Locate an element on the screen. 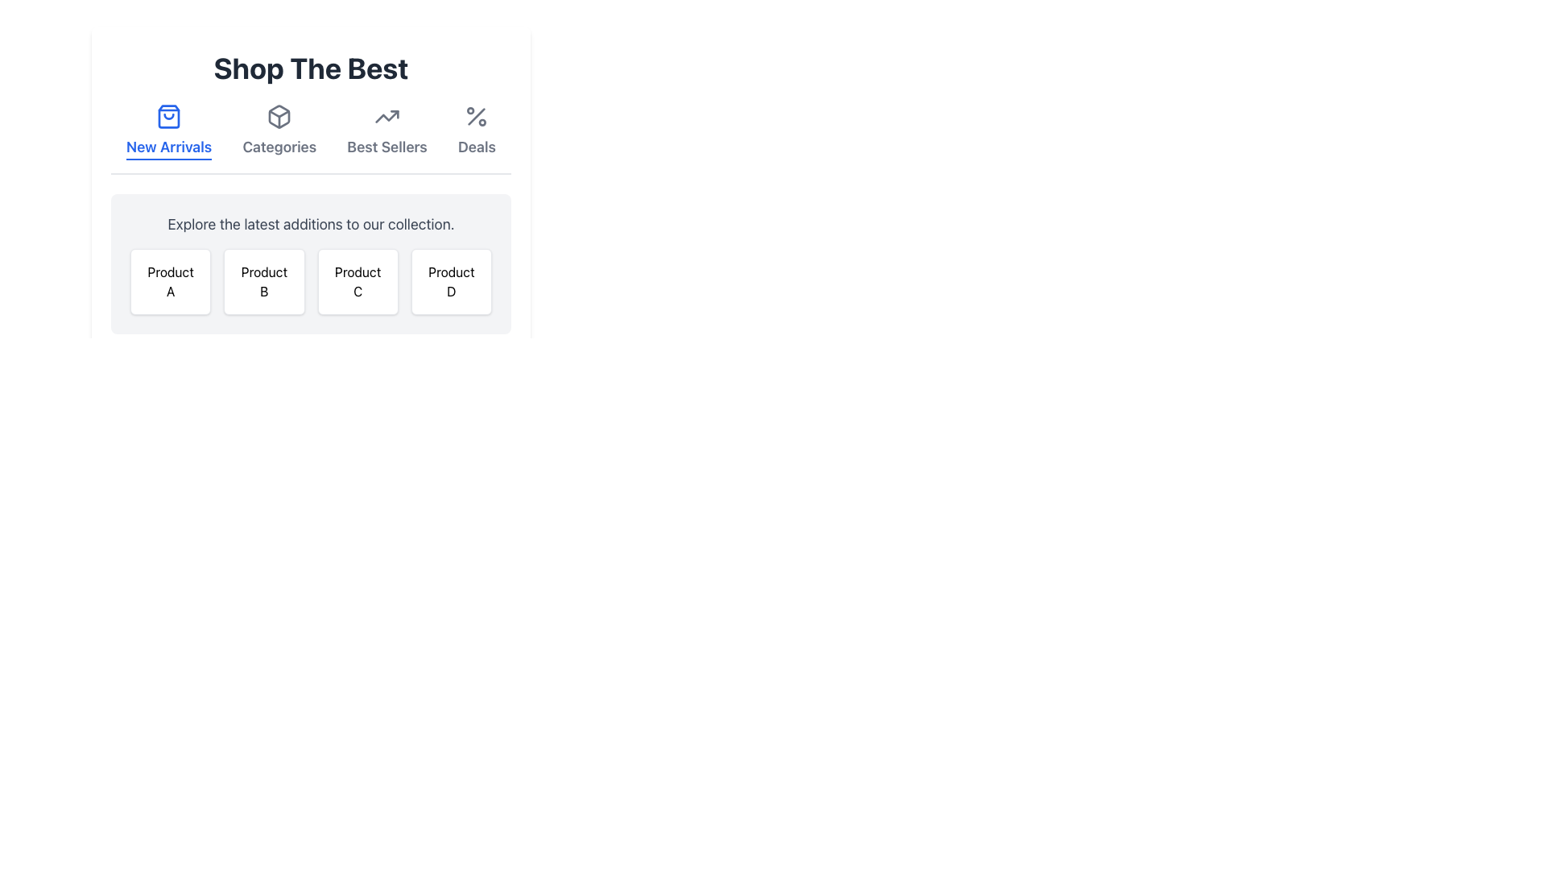  the upward trending chart icon located in the 'Best Sellers' section, positioned above the text 'Best Sellers' is located at coordinates (387, 116).